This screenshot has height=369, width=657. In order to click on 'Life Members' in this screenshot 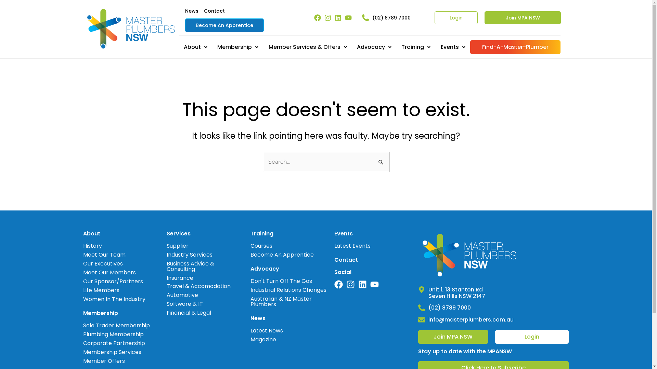, I will do `click(114, 290)`.